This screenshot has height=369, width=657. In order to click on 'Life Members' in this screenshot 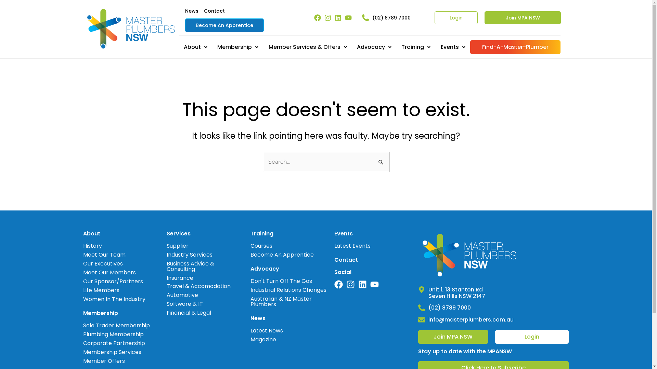, I will do `click(114, 290)`.